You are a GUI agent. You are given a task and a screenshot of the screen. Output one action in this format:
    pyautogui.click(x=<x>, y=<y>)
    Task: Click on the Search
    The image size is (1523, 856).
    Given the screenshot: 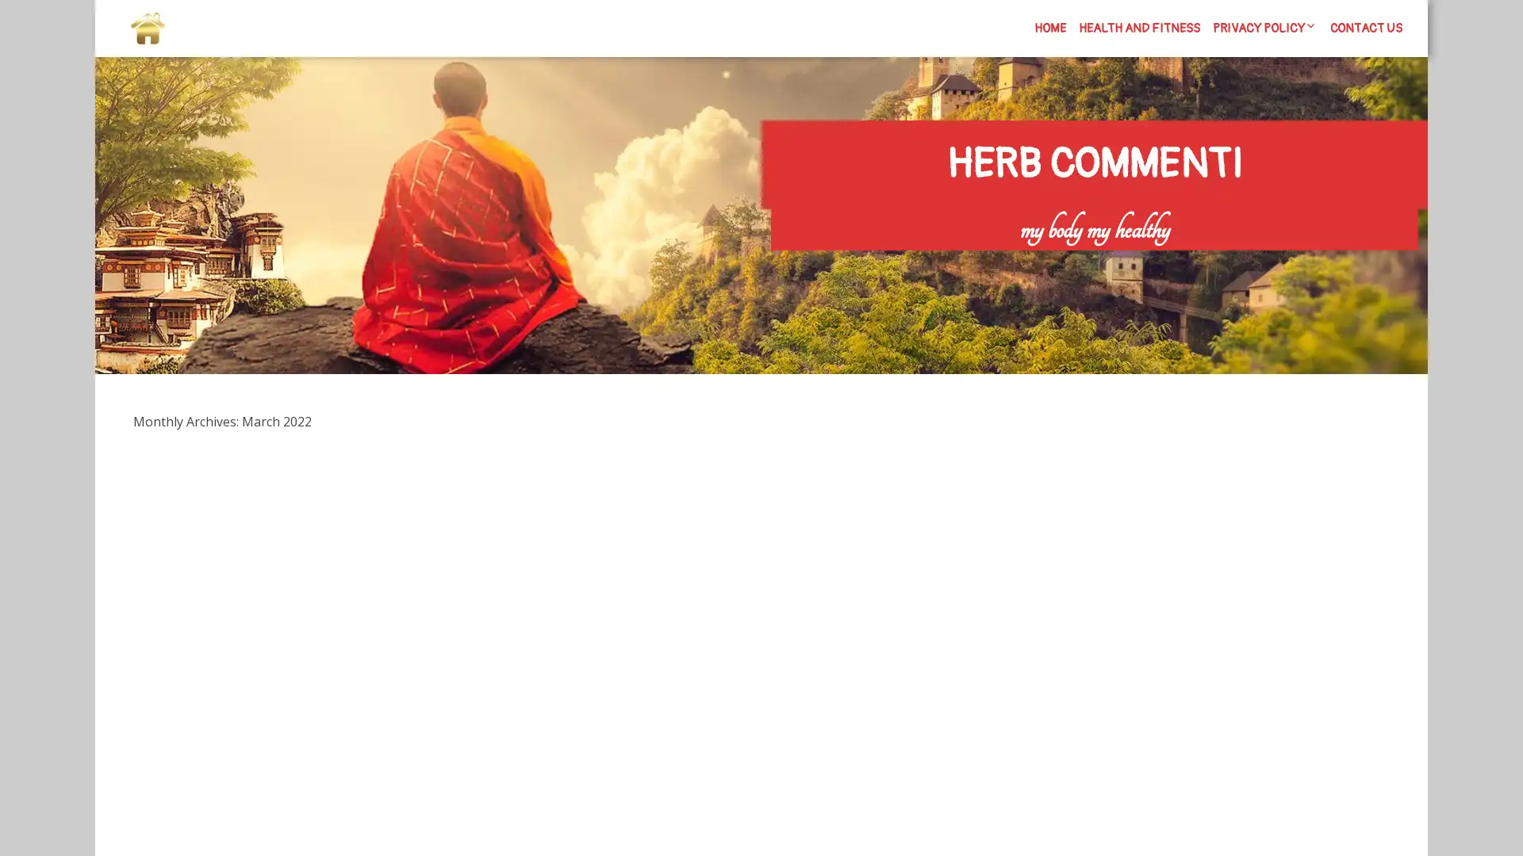 What is the action you would take?
    pyautogui.click(x=1235, y=259)
    